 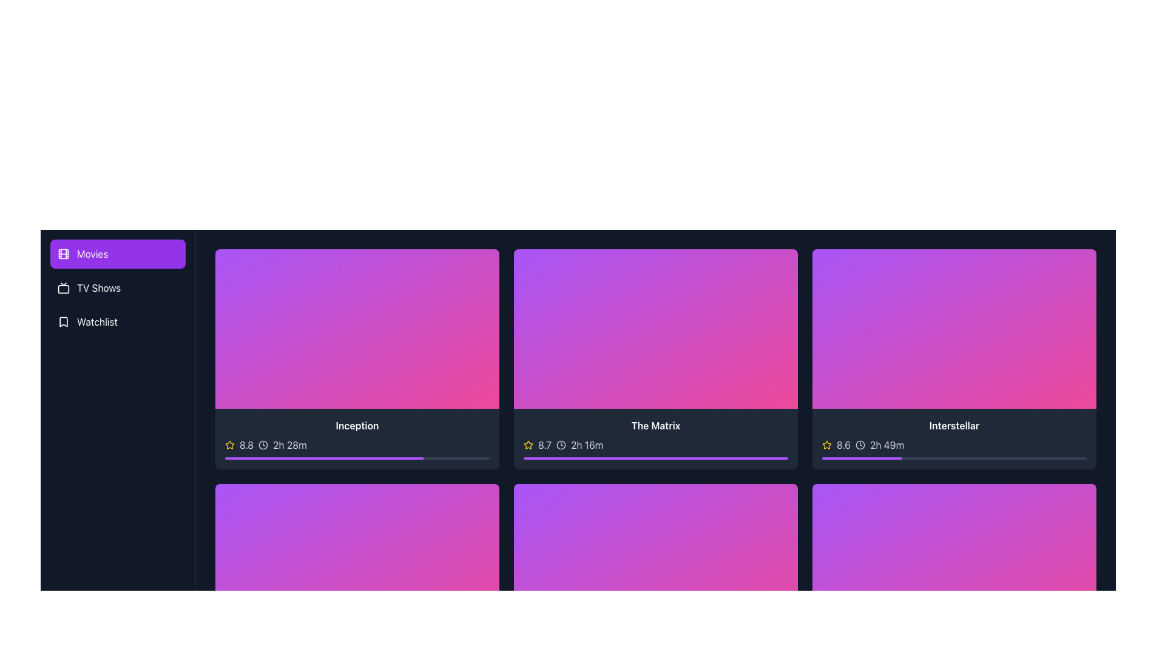 What do you see at coordinates (230, 445) in the screenshot?
I see `the star rating icon for the movie 'Inception', which is positioned at the top-left side of its card, just above the text '8.8'` at bounding box center [230, 445].